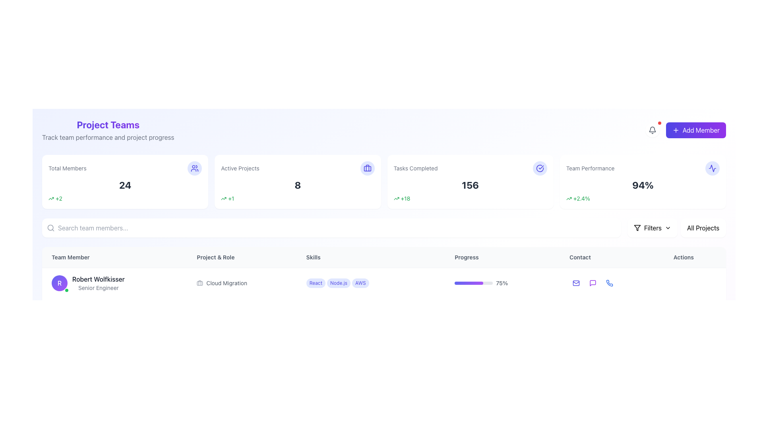 The image size is (763, 429). What do you see at coordinates (297, 185) in the screenshot?
I see `the prominently displayed bold numeric text that is centrally located within the 'Active Projects' card, contrasting dark gray against a white background` at bounding box center [297, 185].